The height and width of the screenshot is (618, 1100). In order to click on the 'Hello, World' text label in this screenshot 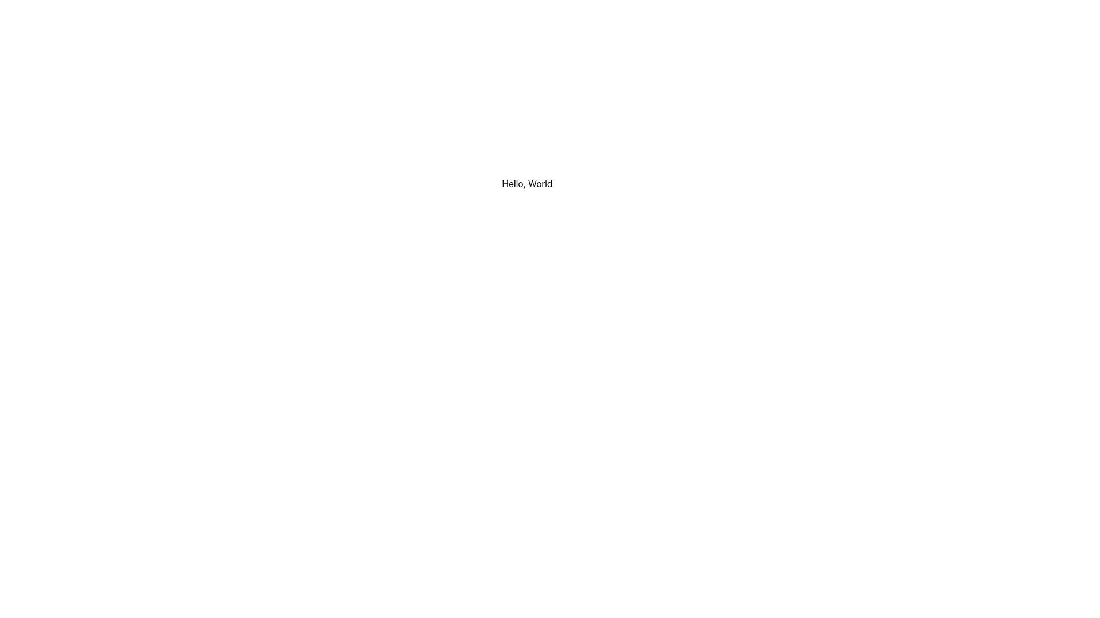, I will do `click(527, 183)`.